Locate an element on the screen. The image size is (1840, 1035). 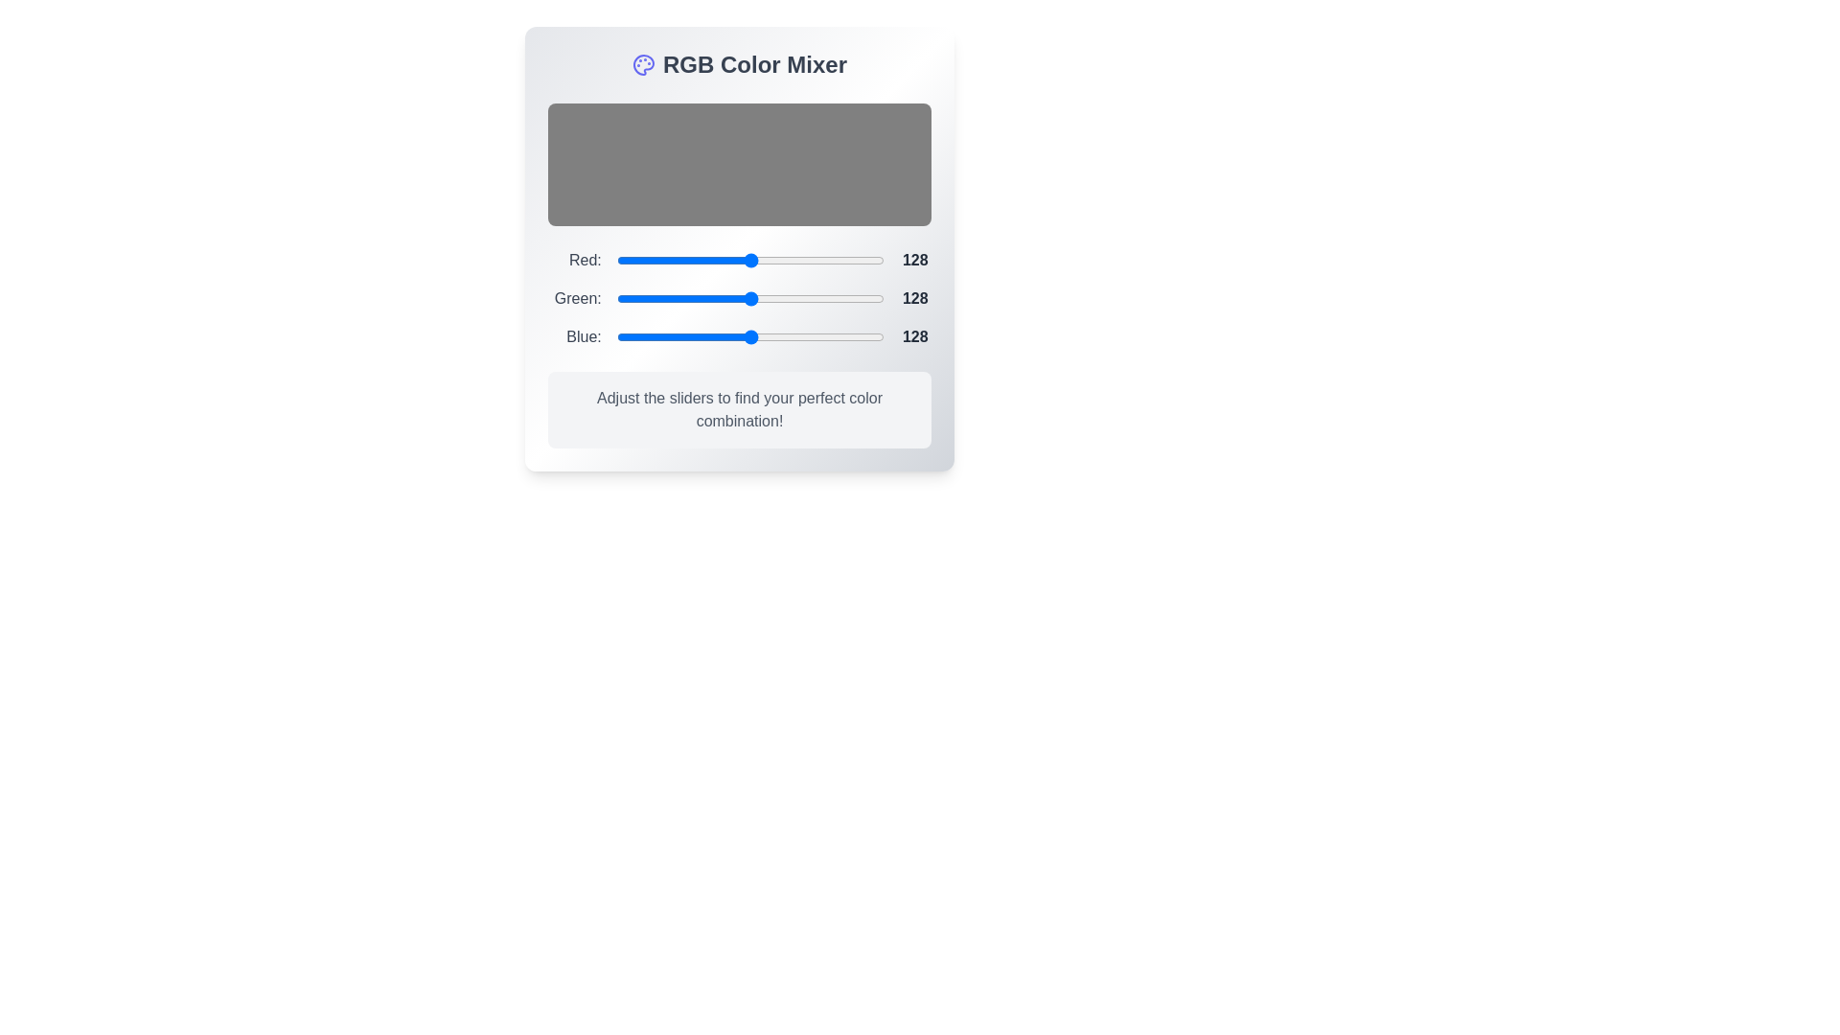
the 0 slider to 224 is located at coordinates (850, 261).